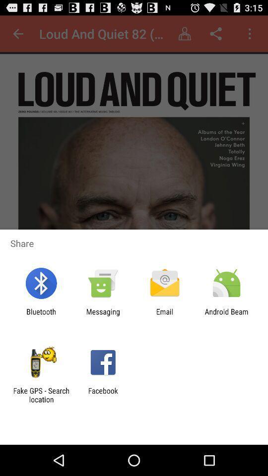  What do you see at coordinates (226, 315) in the screenshot?
I see `the android beam app` at bounding box center [226, 315].